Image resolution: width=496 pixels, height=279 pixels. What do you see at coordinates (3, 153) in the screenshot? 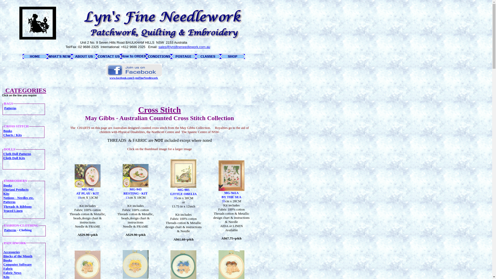
I see `'Cloth Doll Patterns'` at bounding box center [3, 153].